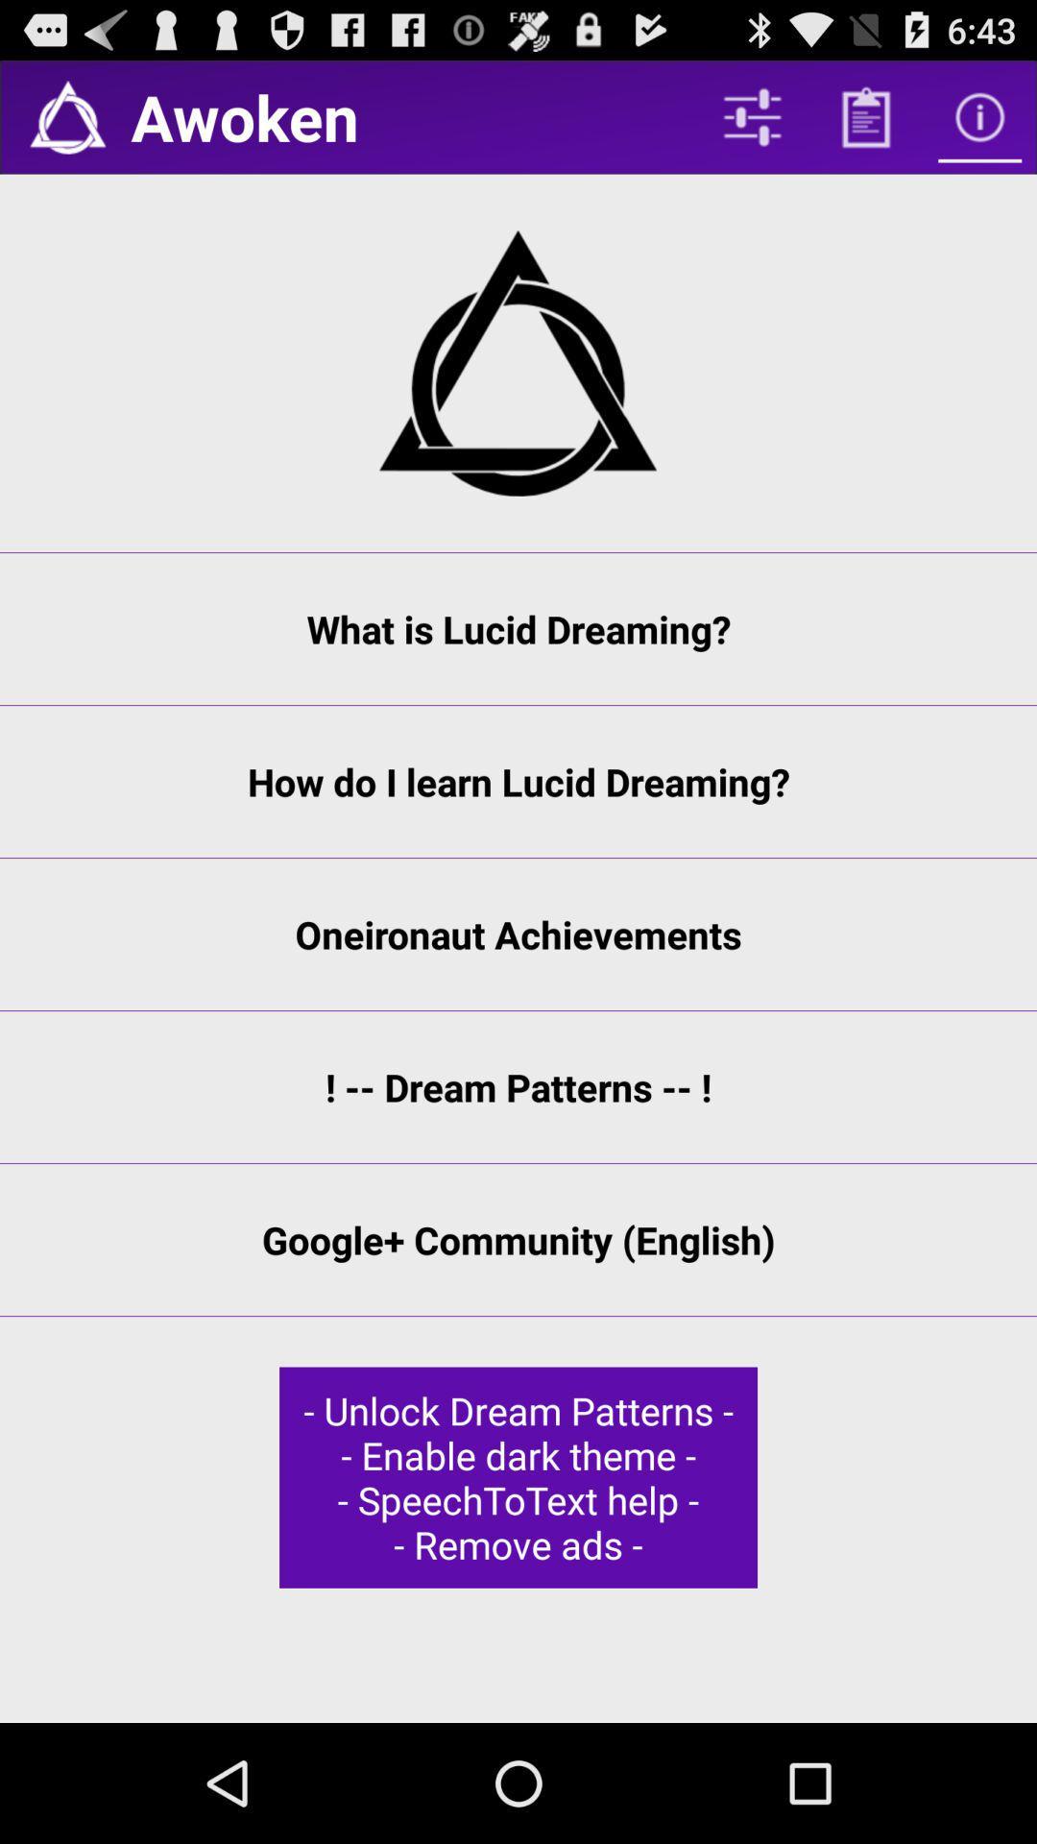 This screenshot has height=1844, width=1037. Describe the element at coordinates (751, 116) in the screenshot. I see `the item to the right of the awoken icon` at that location.